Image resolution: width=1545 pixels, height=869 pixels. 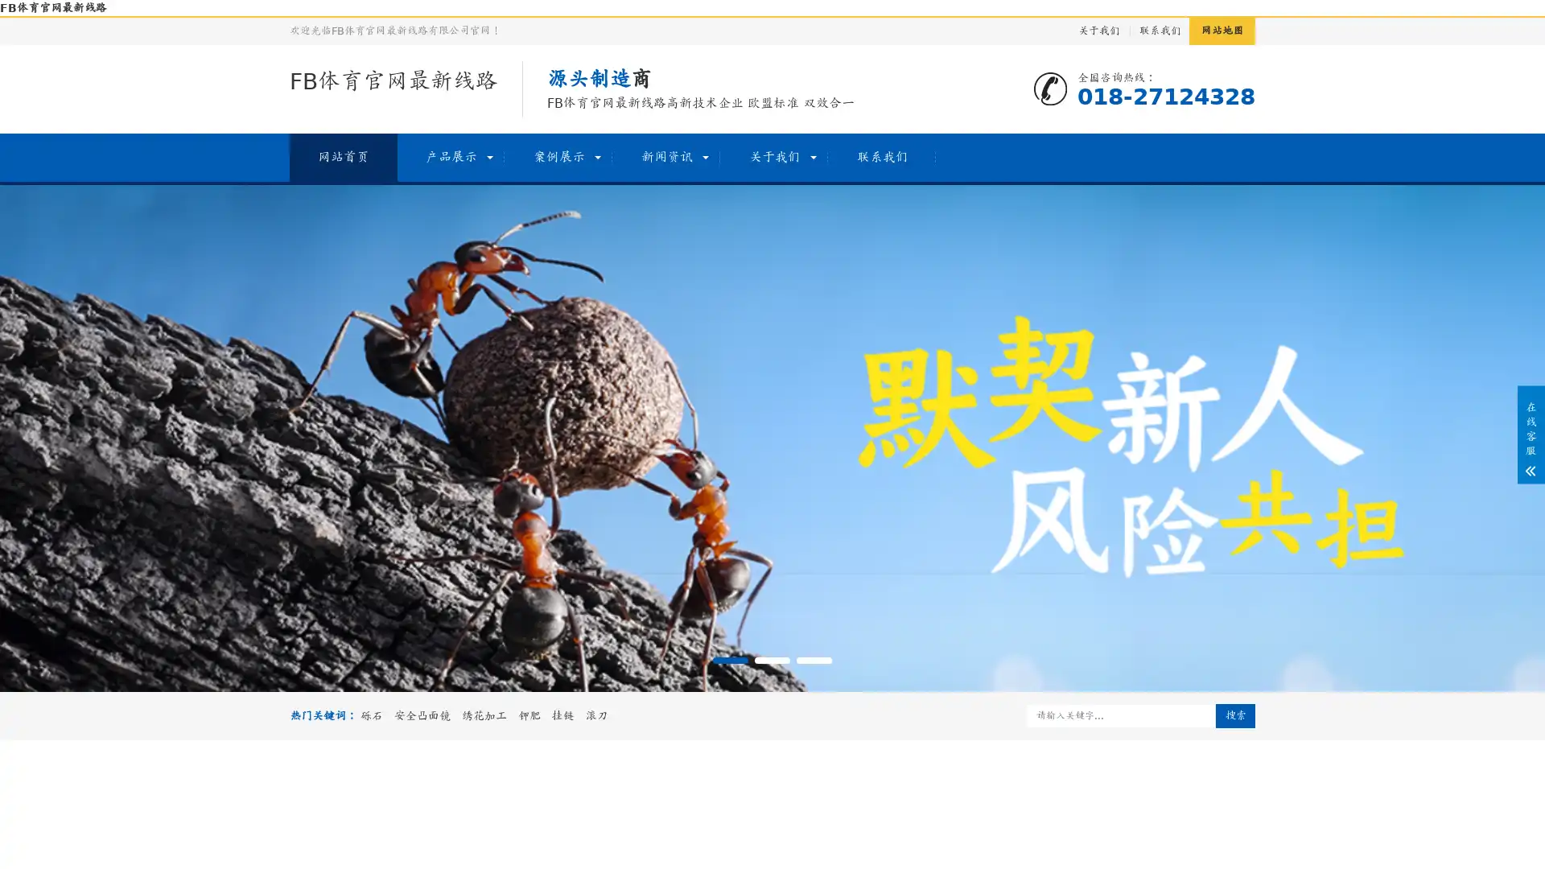 I want to click on Go to slide 2, so click(x=772, y=661).